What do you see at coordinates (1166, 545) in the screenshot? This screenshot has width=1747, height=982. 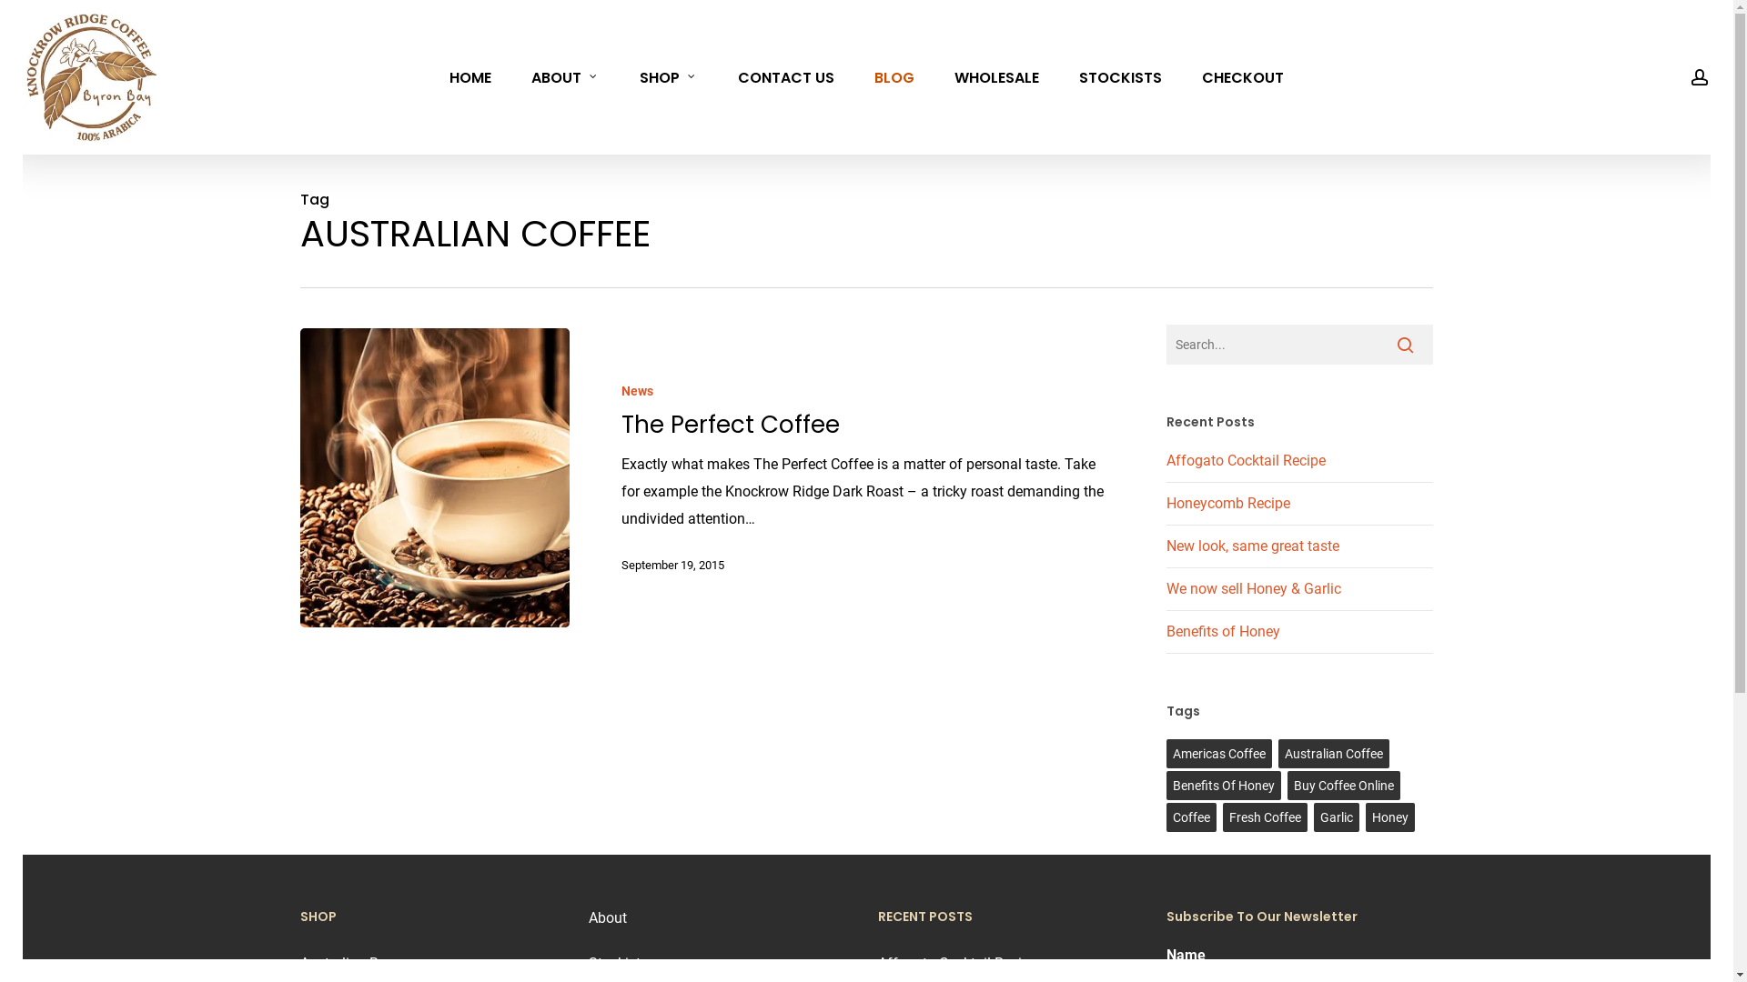 I see `'New look, same great taste'` at bounding box center [1166, 545].